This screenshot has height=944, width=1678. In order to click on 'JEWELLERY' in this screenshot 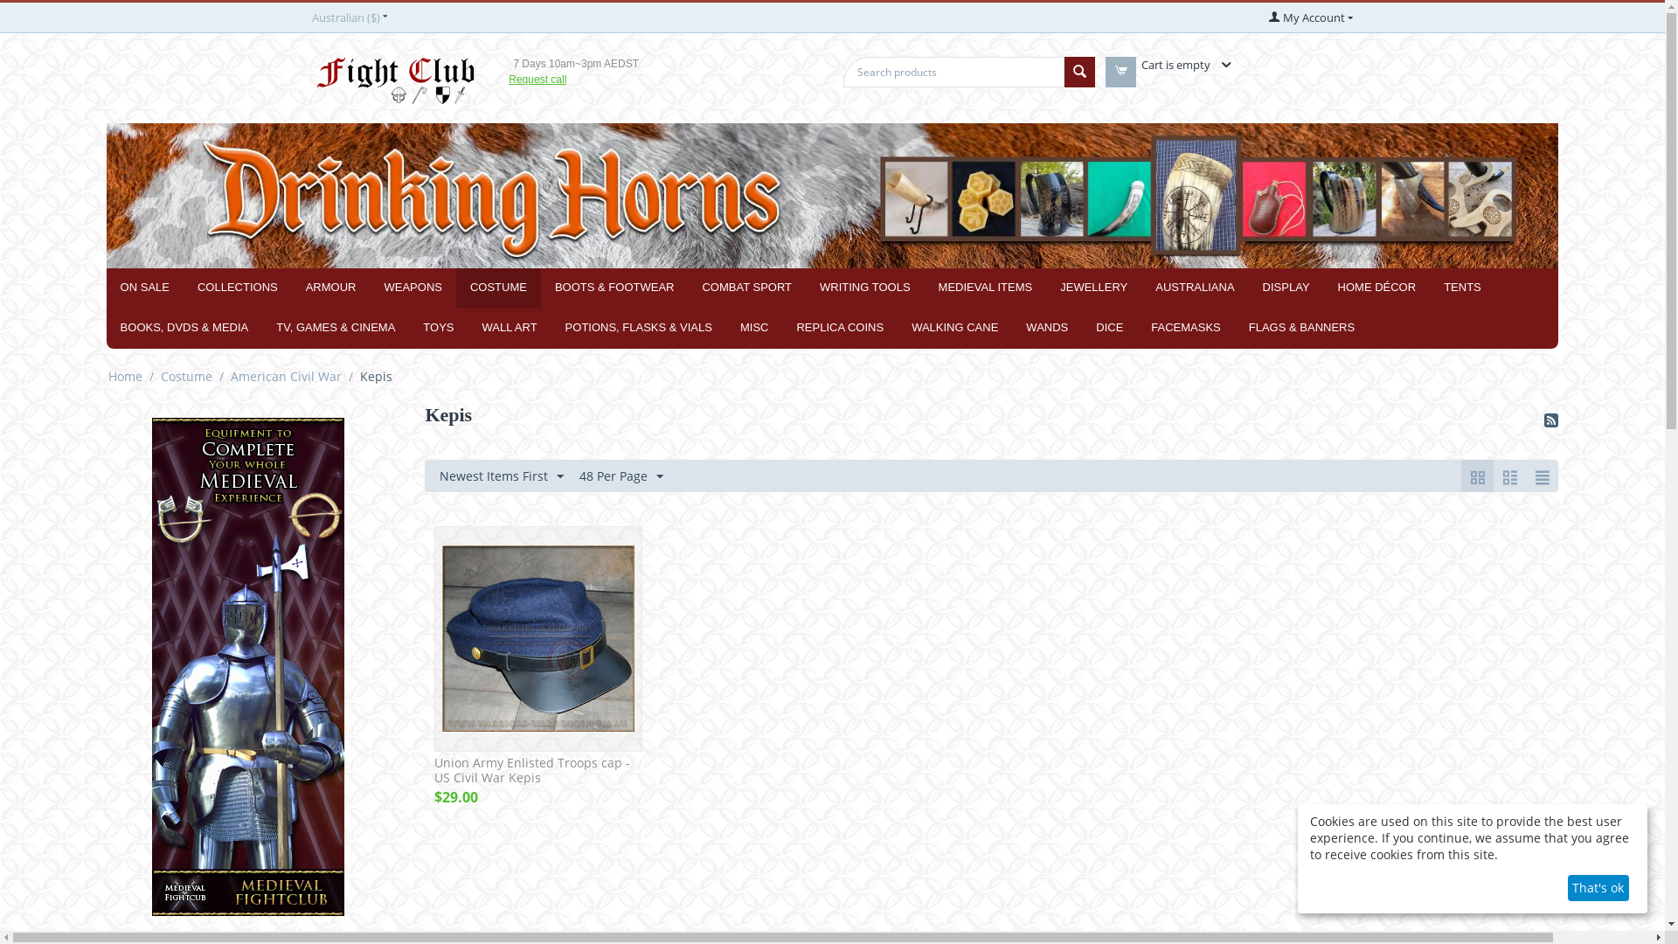, I will do `click(1092, 288)`.